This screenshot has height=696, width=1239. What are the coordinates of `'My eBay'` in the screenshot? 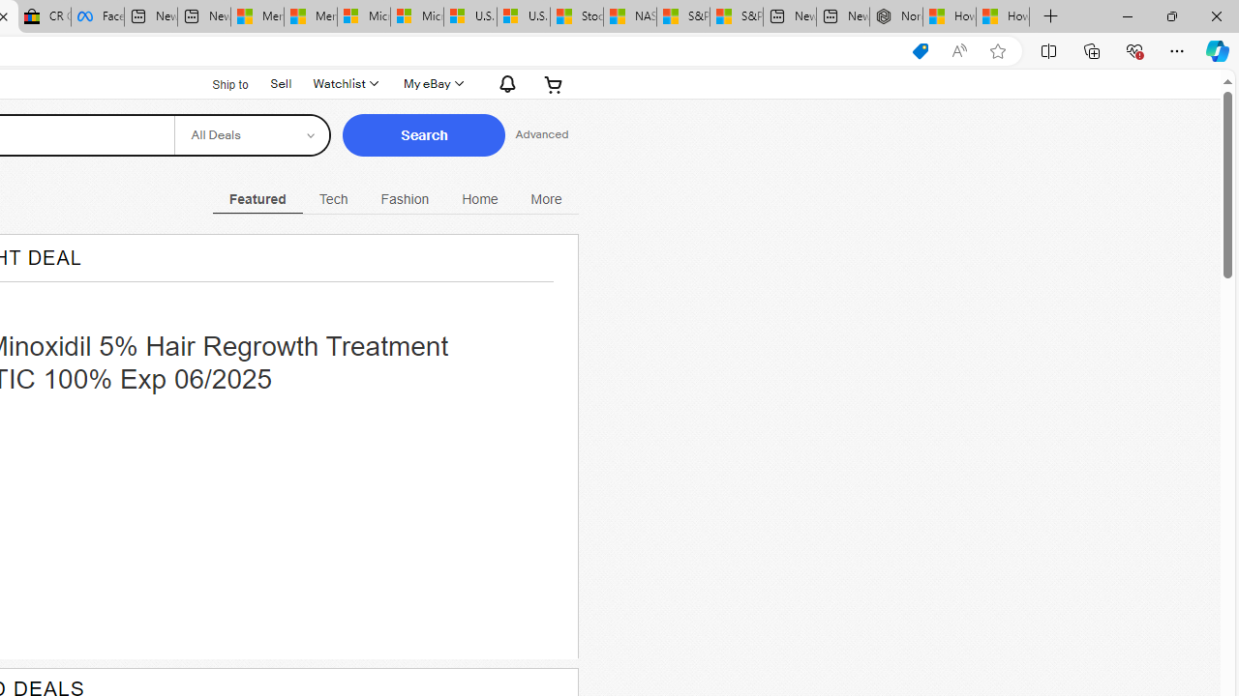 It's located at (431, 83).